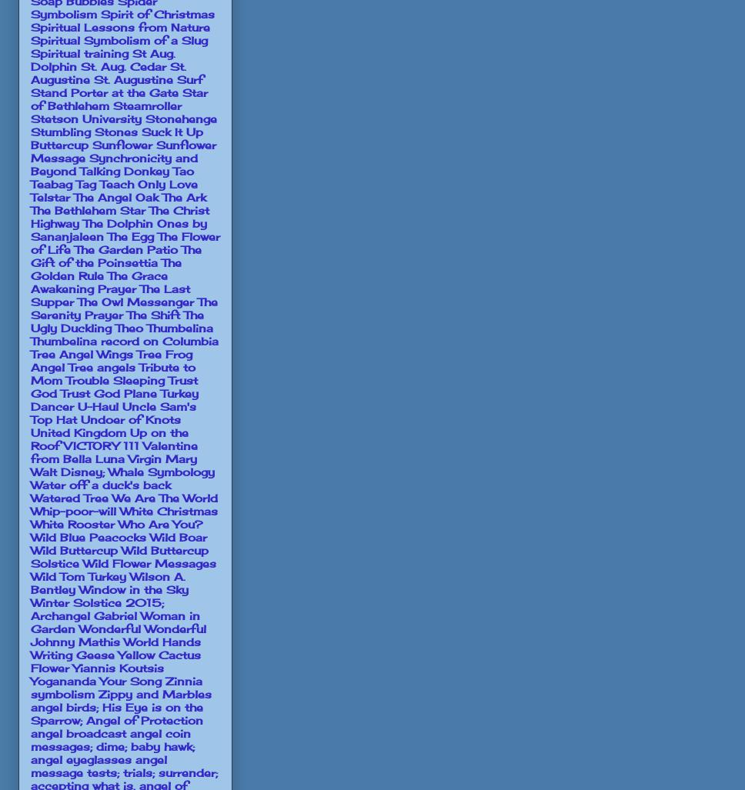  What do you see at coordinates (115, 196) in the screenshot?
I see `'The Angel Oak'` at bounding box center [115, 196].